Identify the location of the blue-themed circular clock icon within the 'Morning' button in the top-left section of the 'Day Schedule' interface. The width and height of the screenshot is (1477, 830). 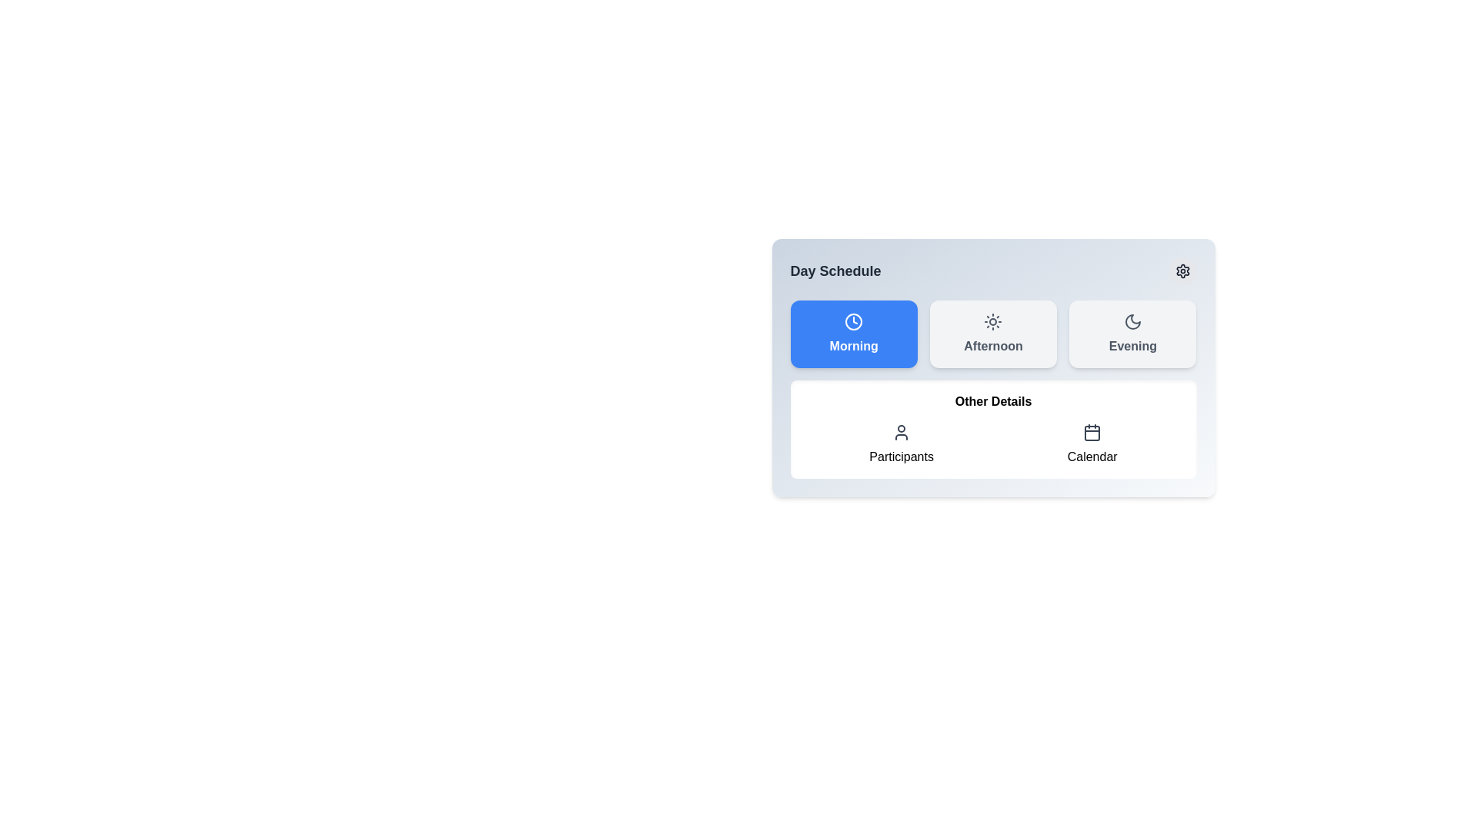
(853, 321).